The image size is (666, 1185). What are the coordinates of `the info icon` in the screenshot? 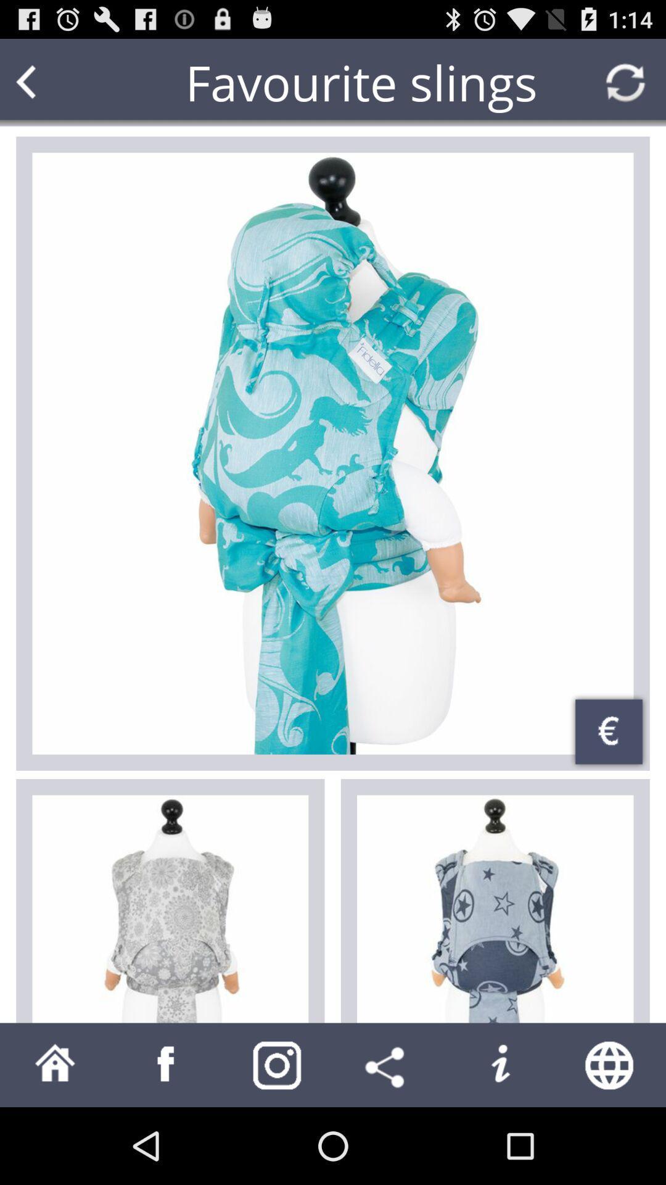 It's located at (499, 1139).